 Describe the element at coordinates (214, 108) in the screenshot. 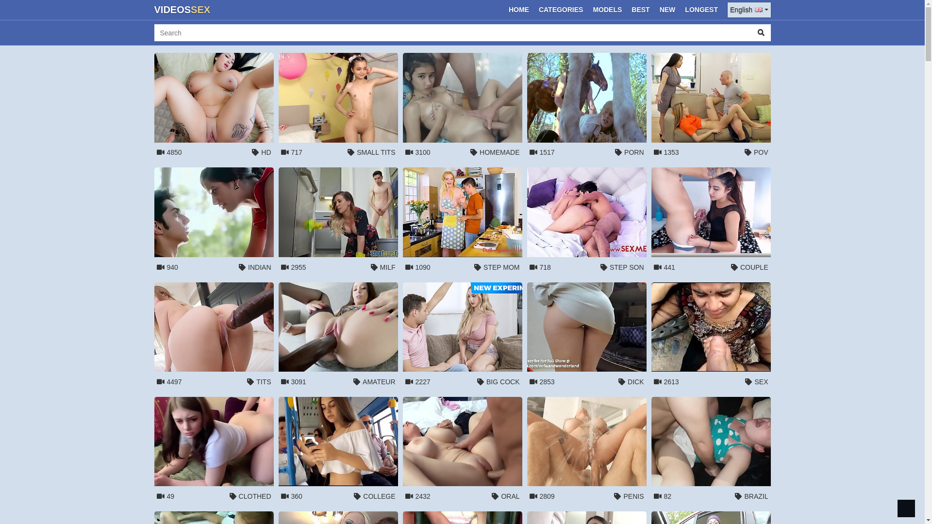

I see `'4850` at that location.